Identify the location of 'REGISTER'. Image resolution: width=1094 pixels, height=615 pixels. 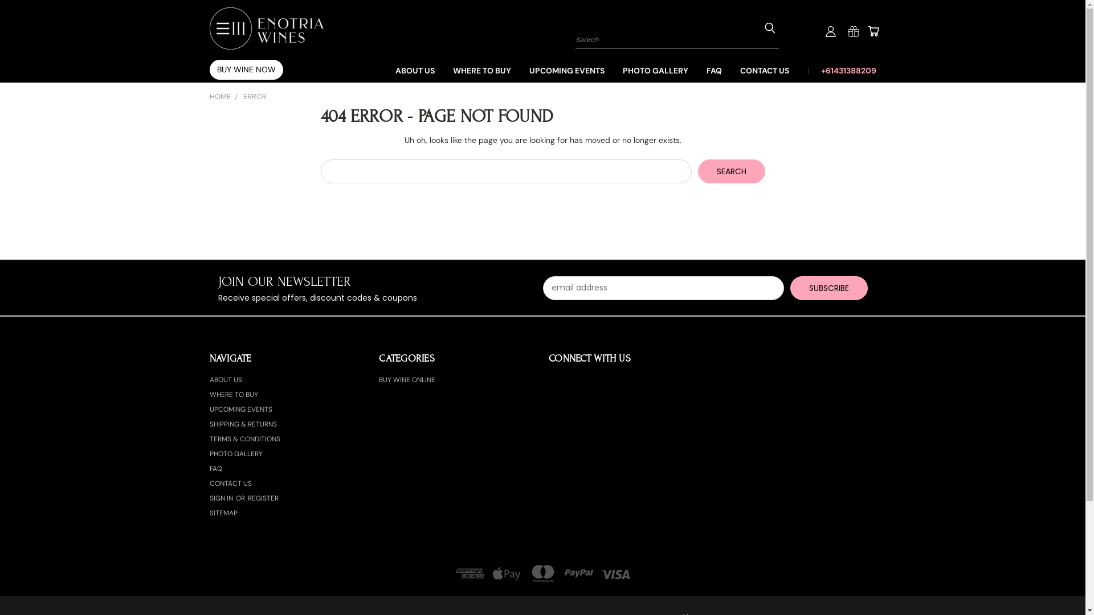
(246, 500).